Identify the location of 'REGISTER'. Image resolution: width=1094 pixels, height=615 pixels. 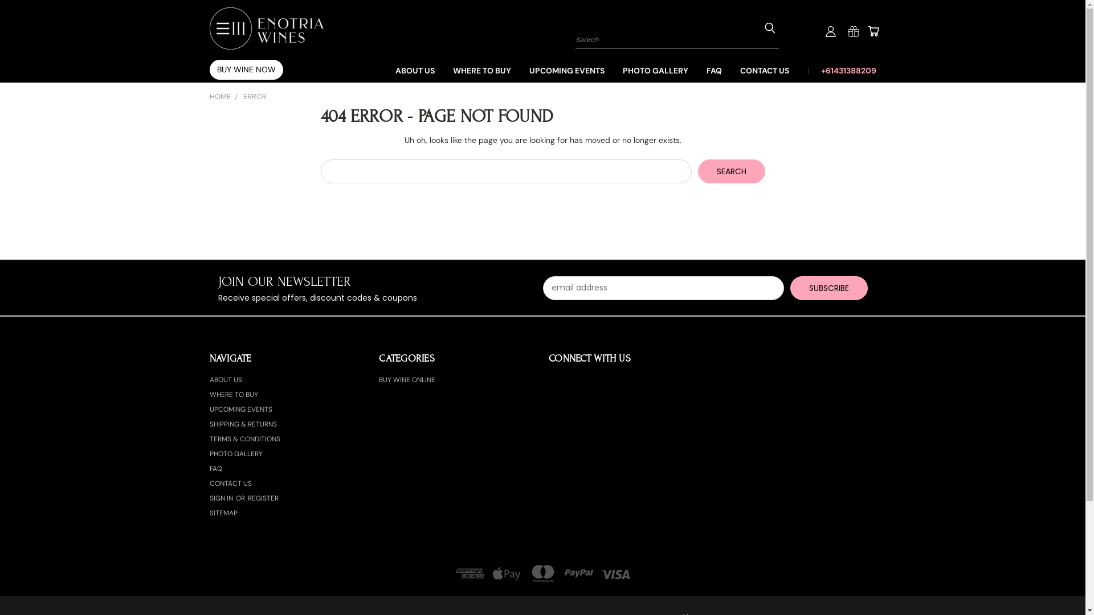
(246, 500).